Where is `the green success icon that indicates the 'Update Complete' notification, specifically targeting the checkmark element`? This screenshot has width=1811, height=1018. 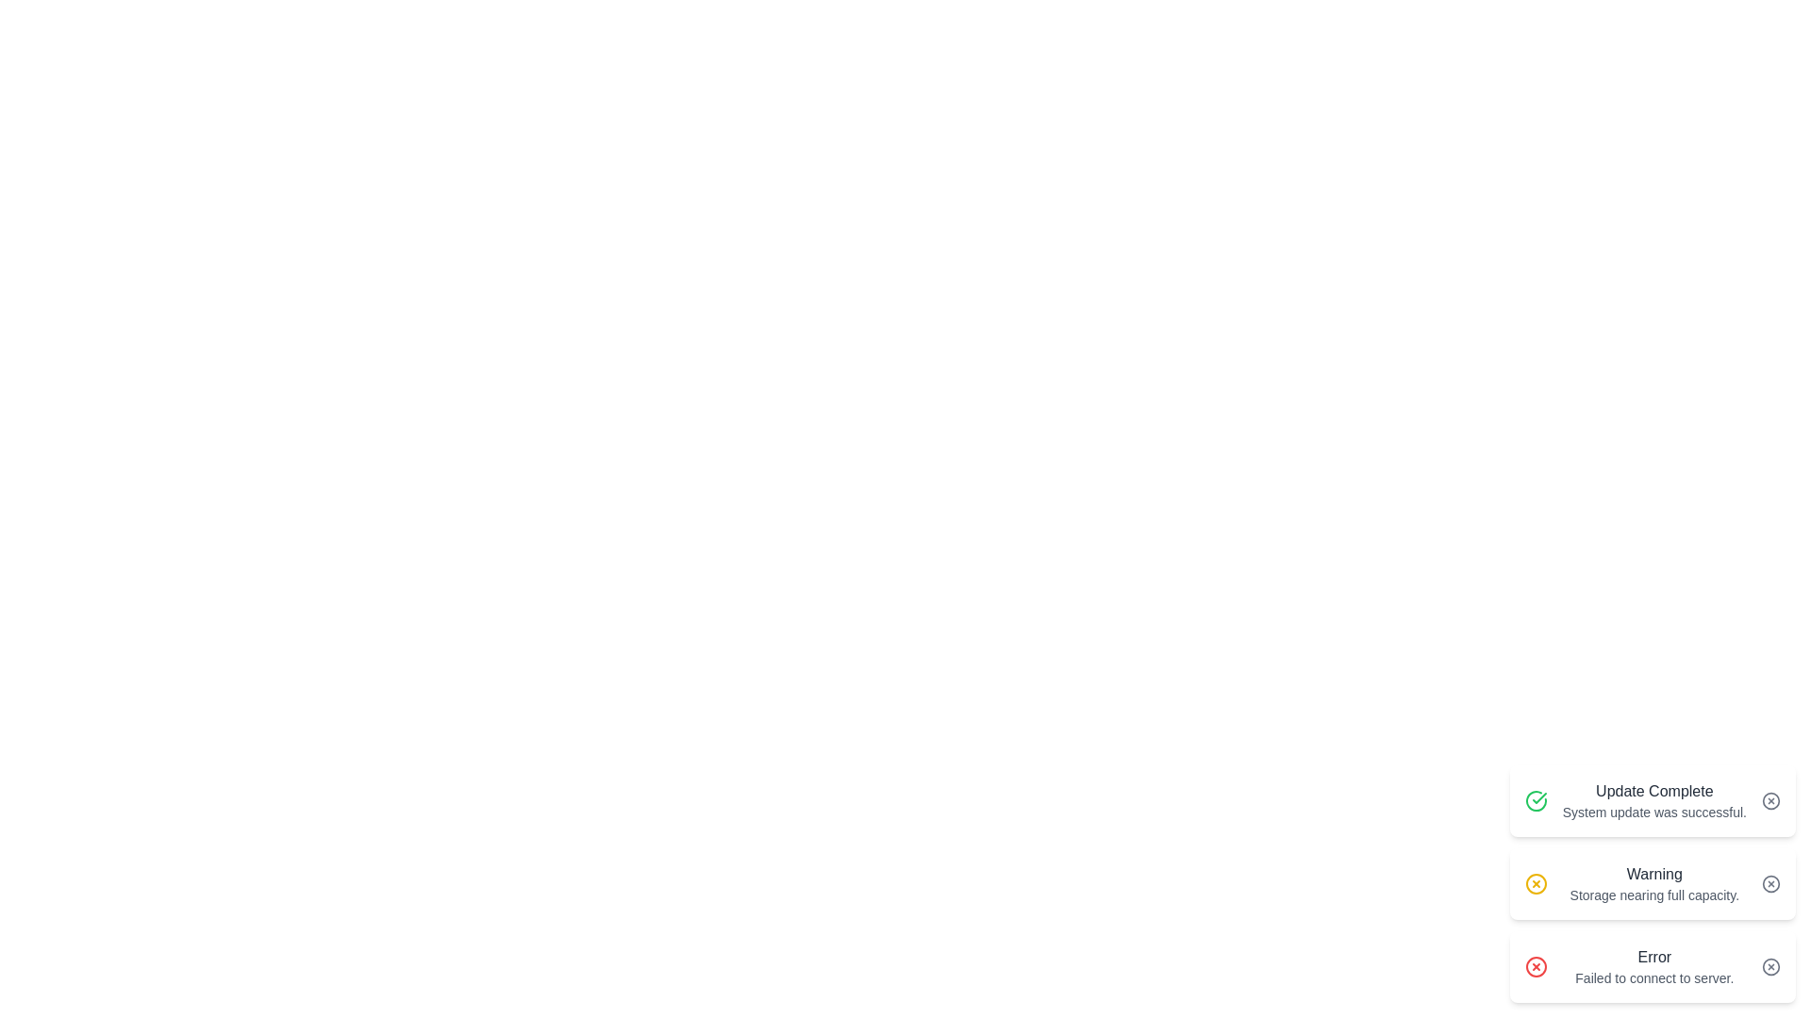
the green success icon that indicates the 'Update Complete' notification, specifically targeting the checkmark element is located at coordinates (1539, 798).